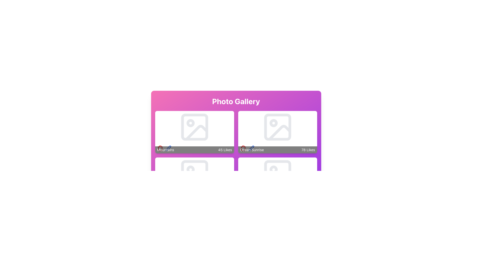  I want to click on the decorative or functional Vector graphics circle (SVG element) located near the bottom-right corner of the rectangle within the 'Photo Gallery' grid, so click(273, 170).